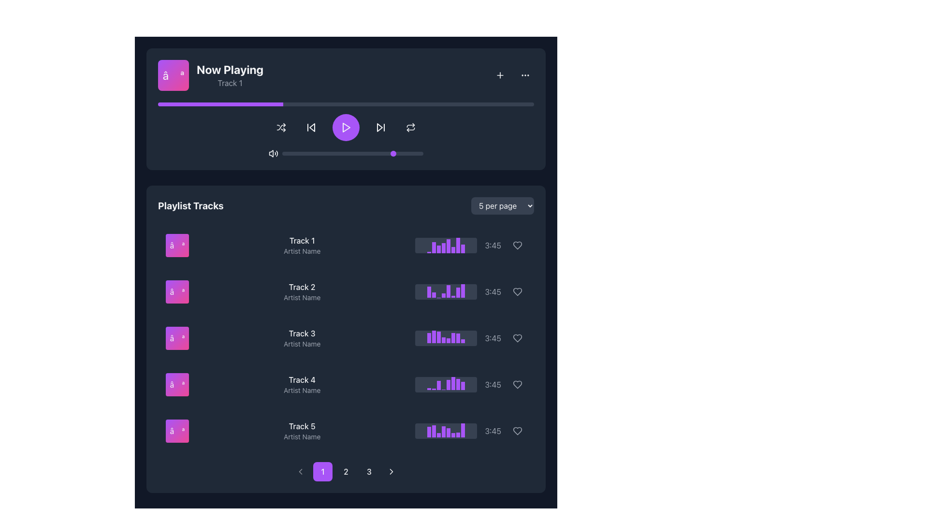  Describe the element at coordinates (493, 337) in the screenshot. I see `the duration text label for the third track in the playlist, which is located in the middle-right section next to a bar graph and a heart icon` at that location.